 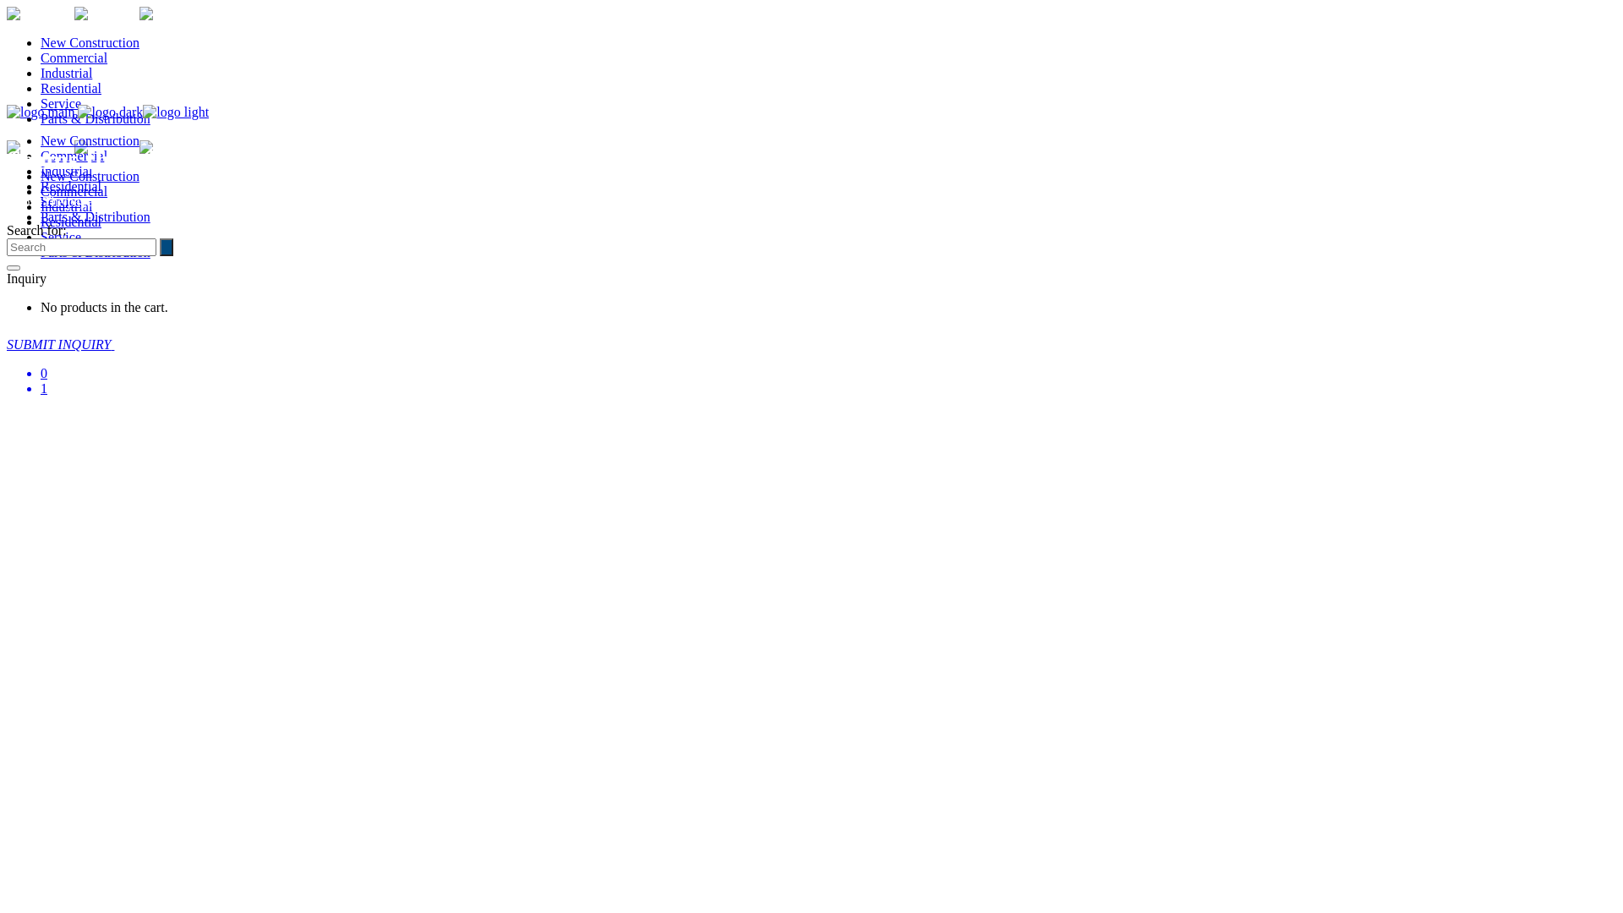 What do you see at coordinates (61, 237) in the screenshot?
I see `'Service'` at bounding box center [61, 237].